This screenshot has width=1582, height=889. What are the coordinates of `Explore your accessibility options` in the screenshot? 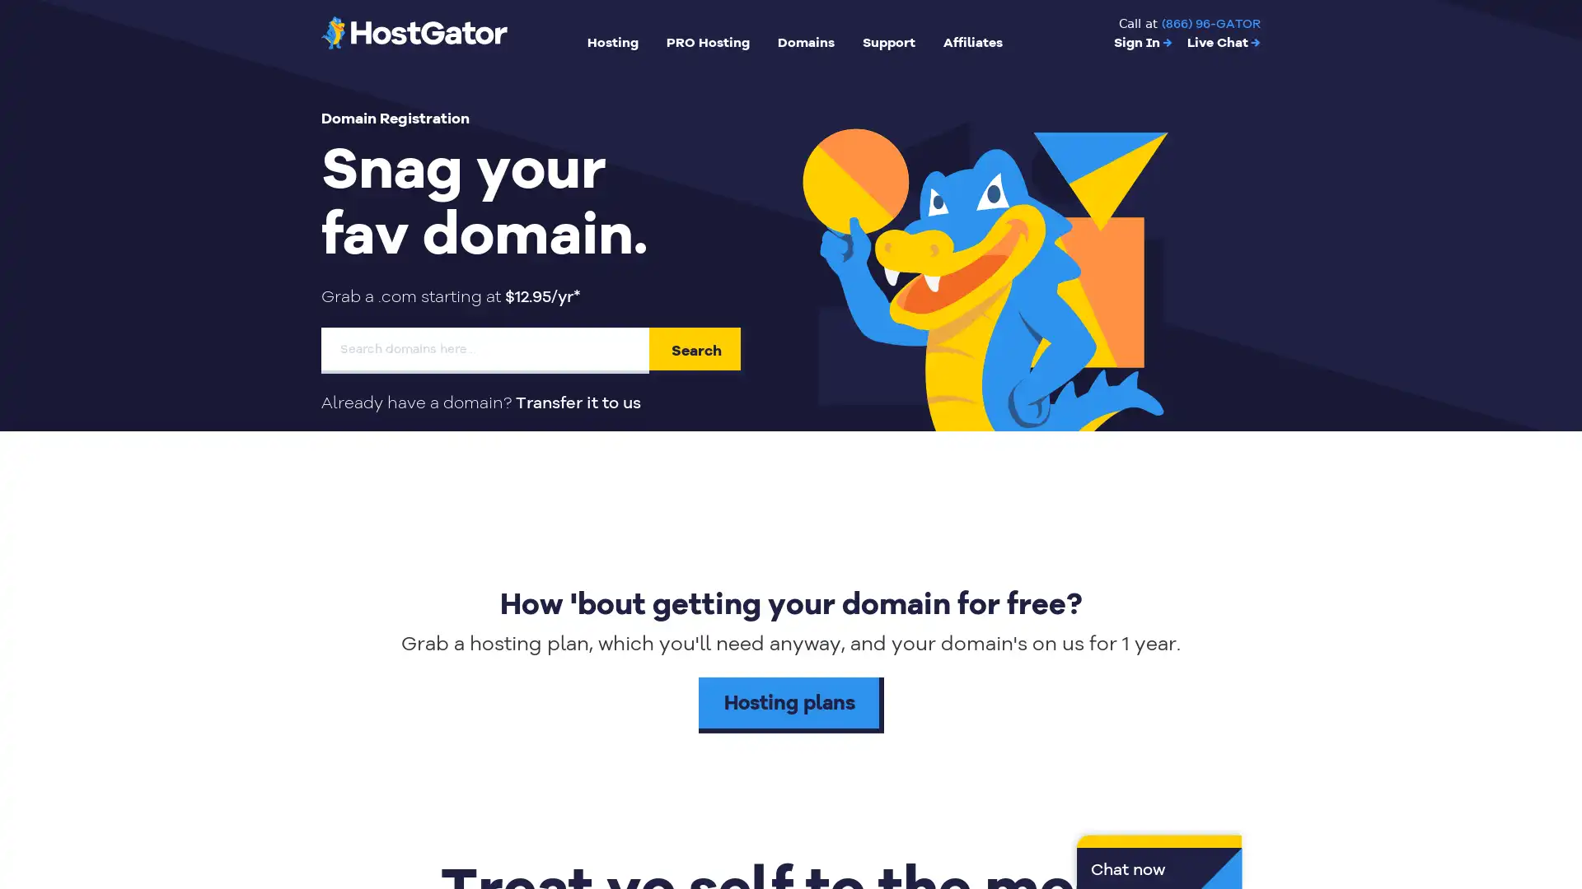 It's located at (1554, 805).